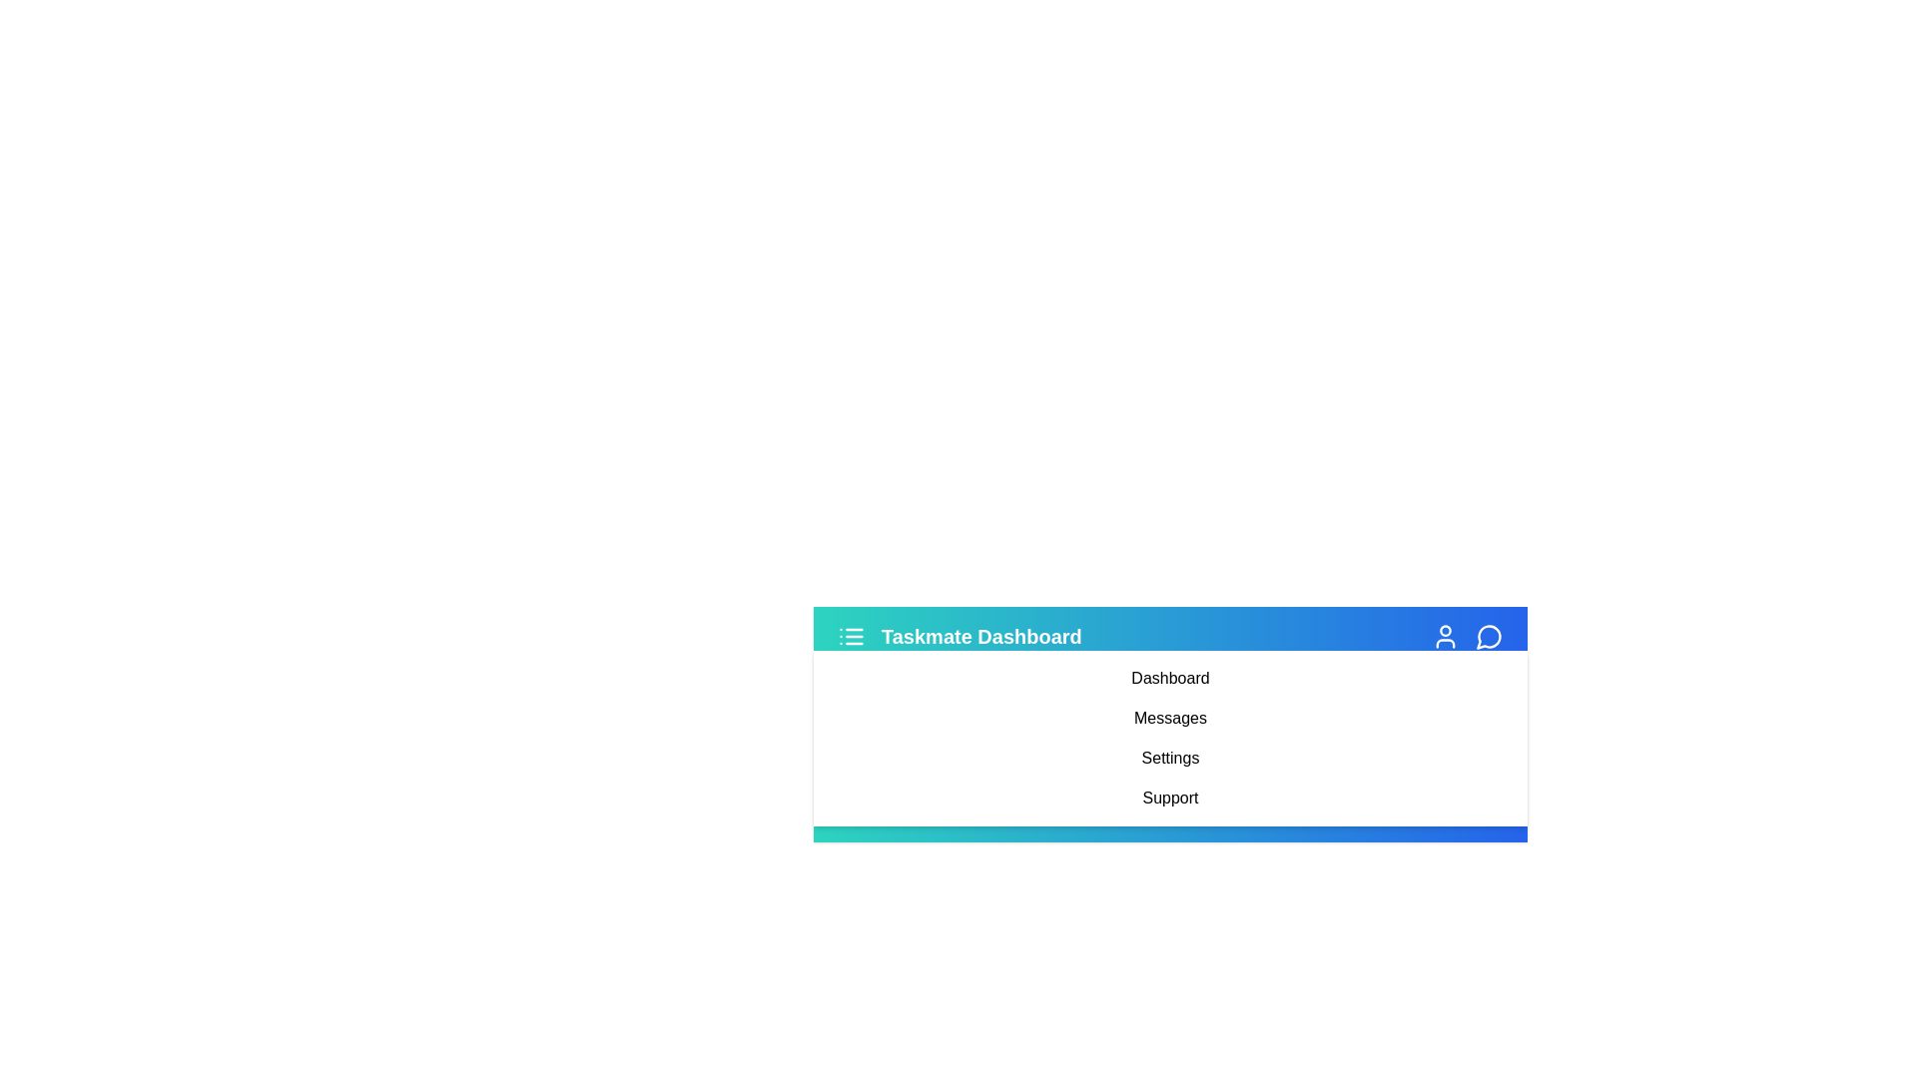  I want to click on the 'Support' link in the sidebar to navigate to the 'Support' section, so click(1170, 797).